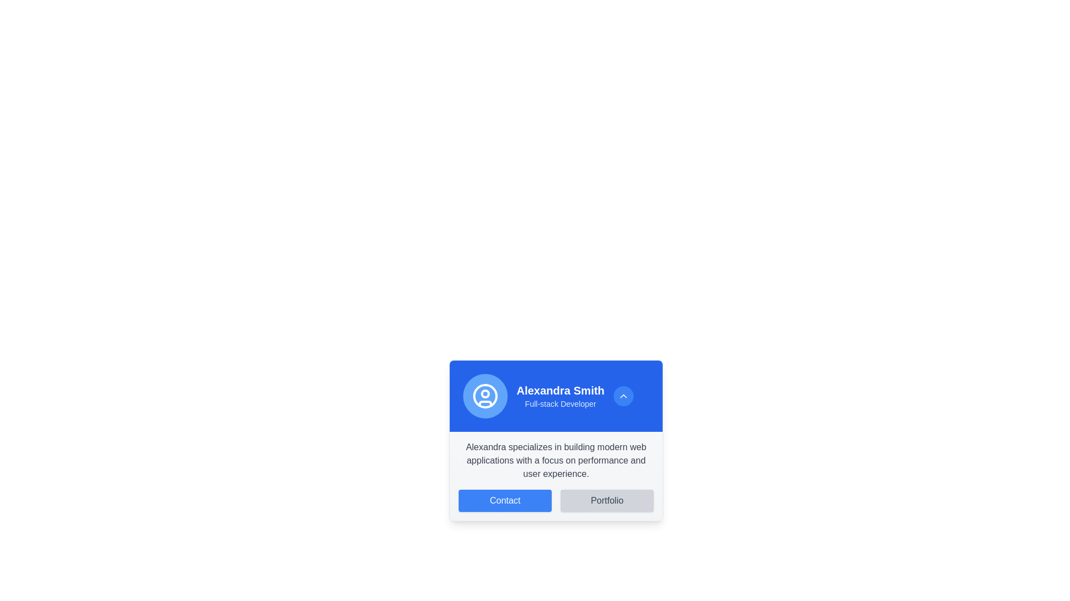 The height and width of the screenshot is (601, 1070). Describe the element at coordinates (560, 403) in the screenshot. I see `text content of the subtitle label describing the professional position of 'Alexandra Smith', which is located below the main text in a blue card component` at that location.